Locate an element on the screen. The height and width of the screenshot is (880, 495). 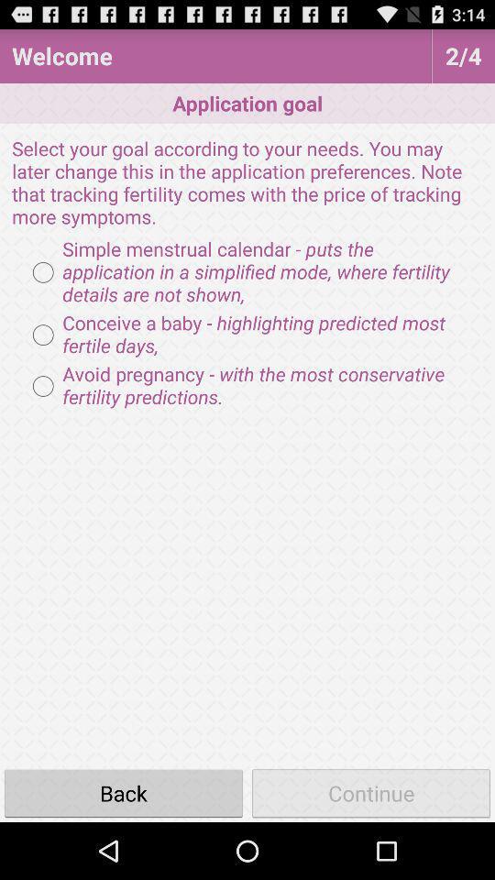
item to the right of the back icon is located at coordinates (371, 792).